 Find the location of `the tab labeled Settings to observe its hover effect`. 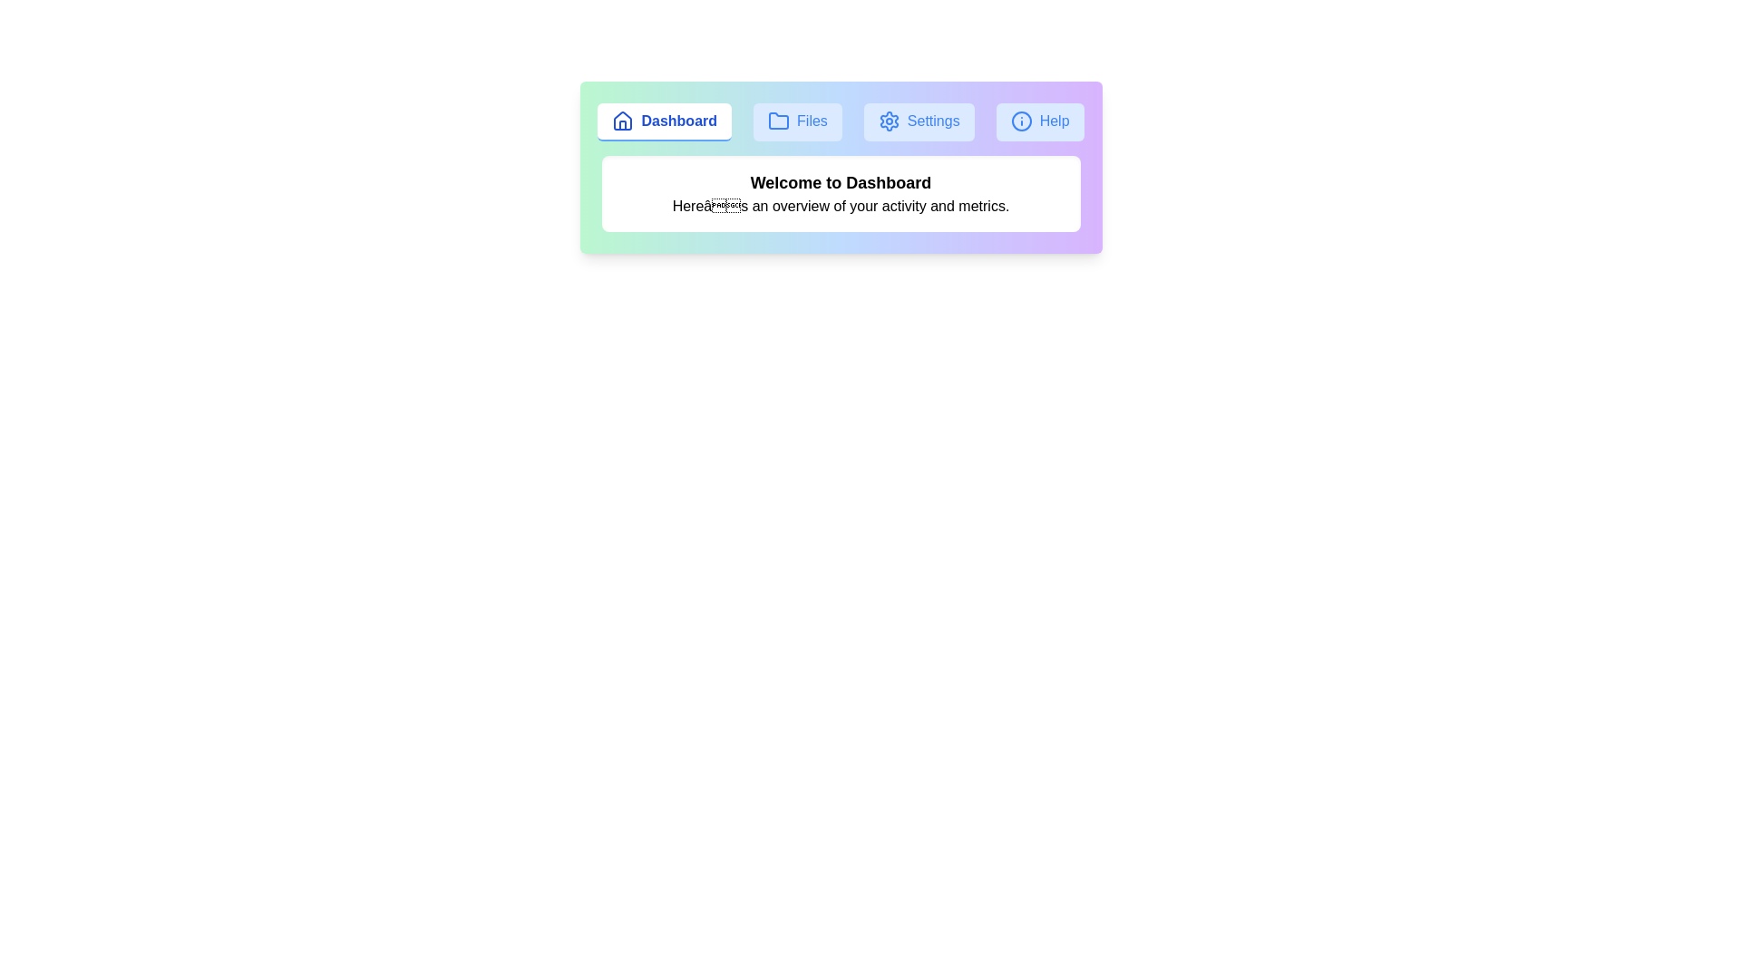

the tab labeled Settings to observe its hover effect is located at coordinates (919, 122).